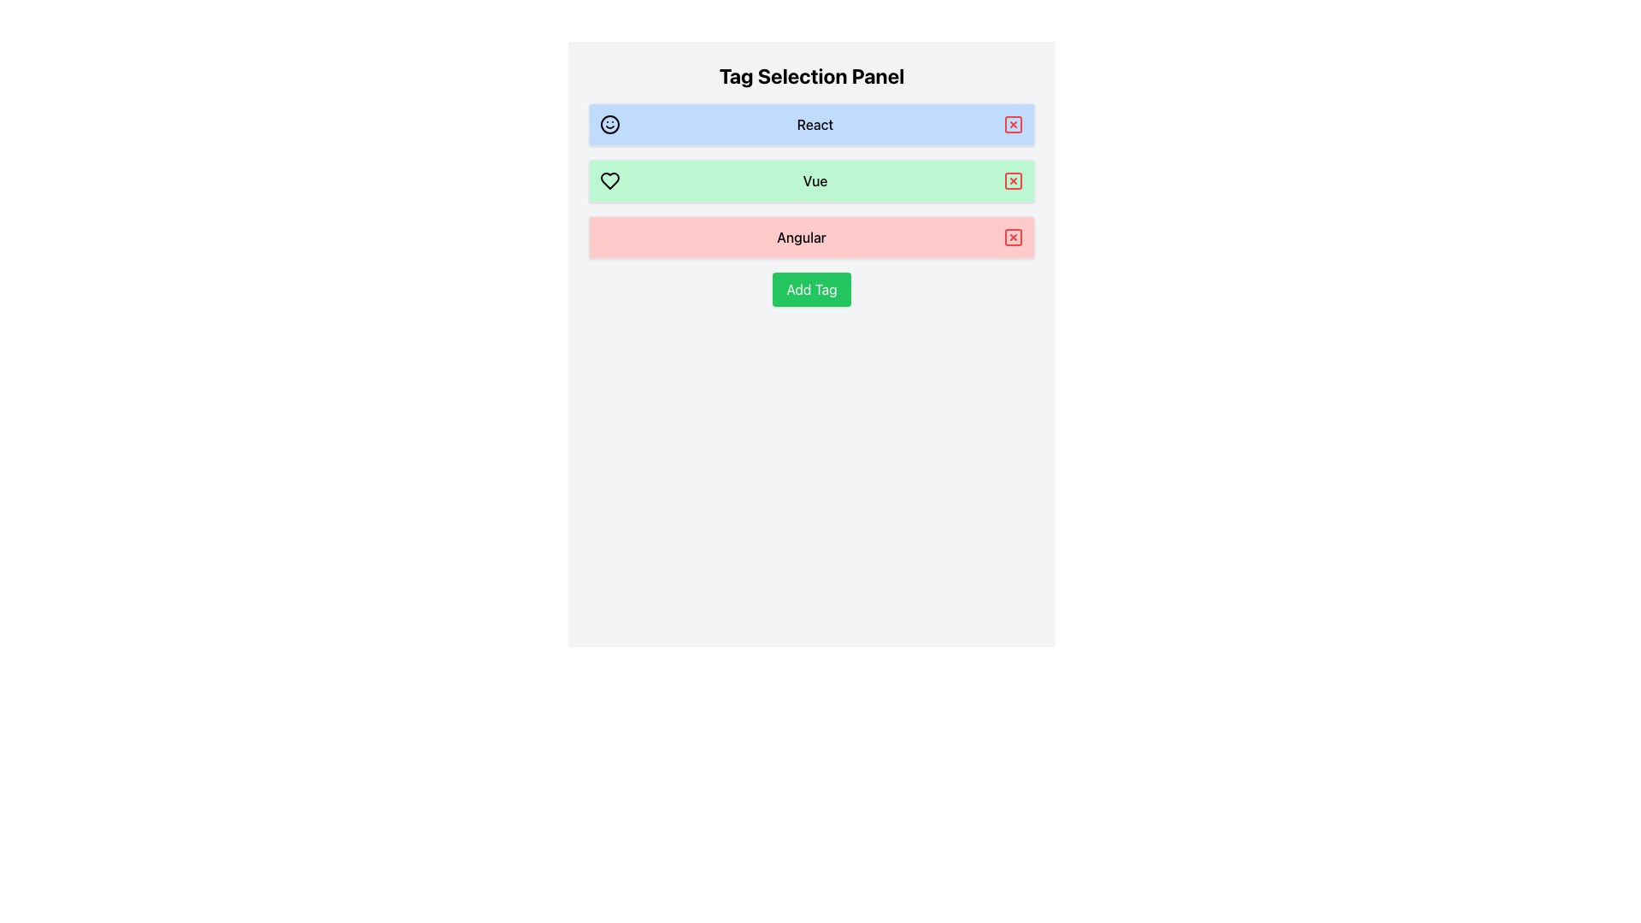 This screenshot has height=923, width=1641. What do you see at coordinates (811, 124) in the screenshot?
I see `the first selectable item labeled 'React' in the Tag Selection Panel` at bounding box center [811, 124].